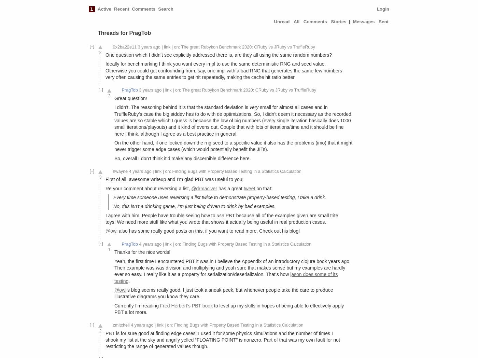 The height and width of the screenshot is (358, 478). Describe the element at coordinates (114, 252) in the screenshot. I see `'Thanks for the nice words!'` at that location.